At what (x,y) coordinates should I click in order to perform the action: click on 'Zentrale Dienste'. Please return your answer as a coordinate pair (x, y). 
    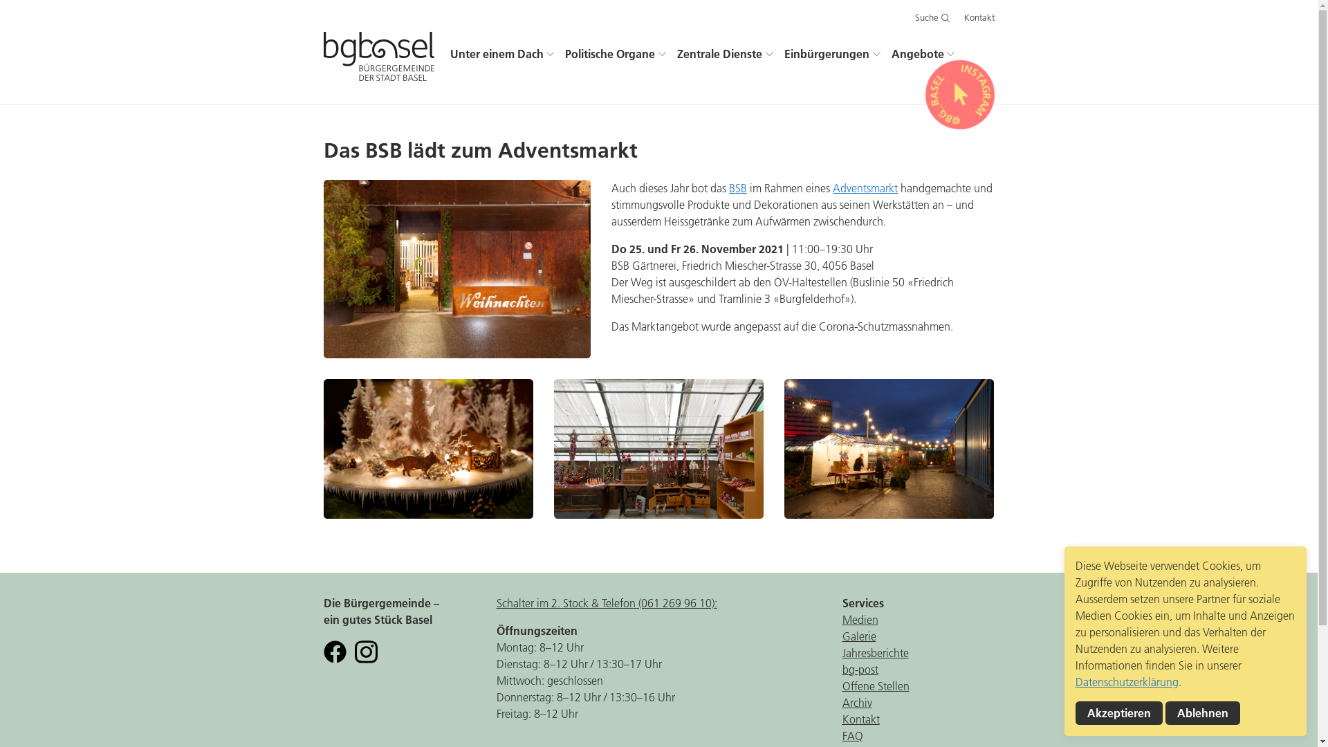
    Looking at the image, I should click on (724, 53).